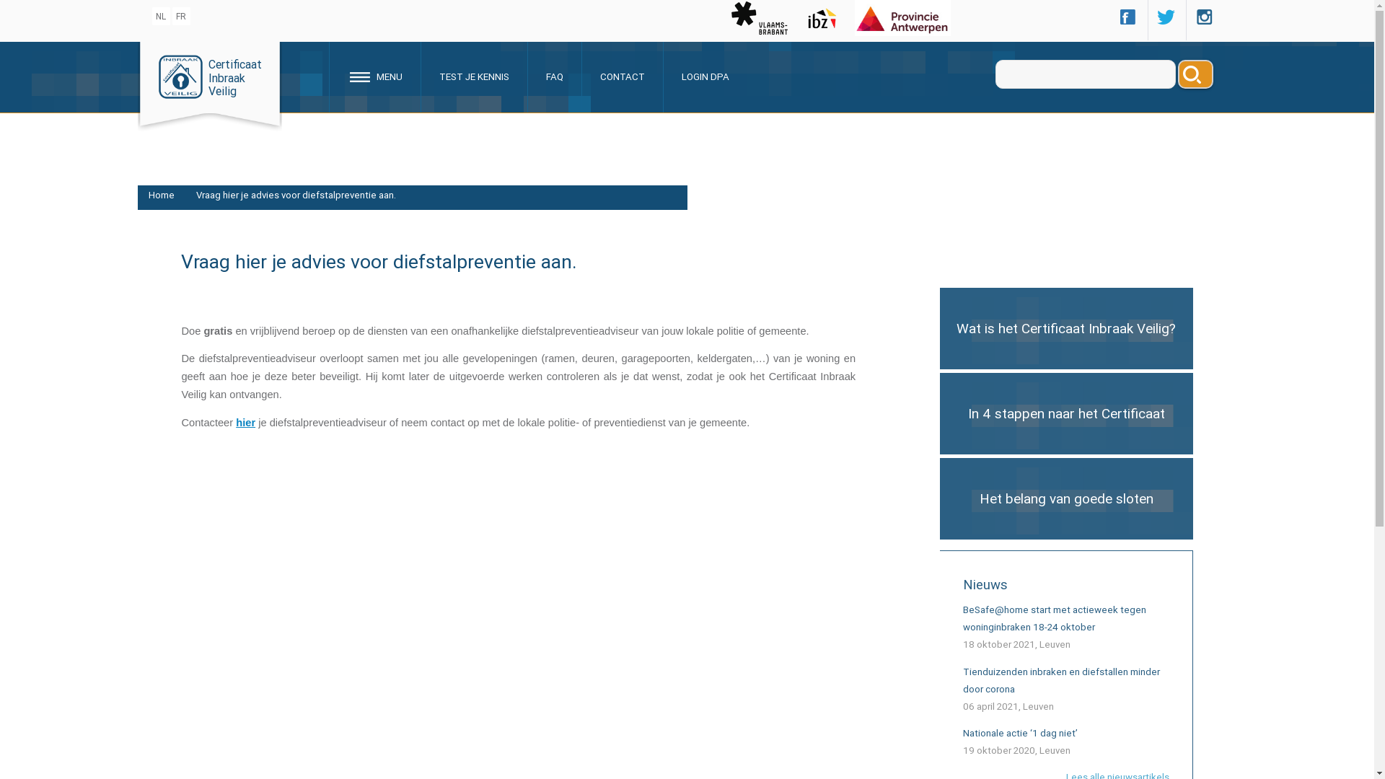  What do you see at coordinates (962, 705) in the screenshot?
I see `'06 april 2021'` at bounding box center [962, 705].